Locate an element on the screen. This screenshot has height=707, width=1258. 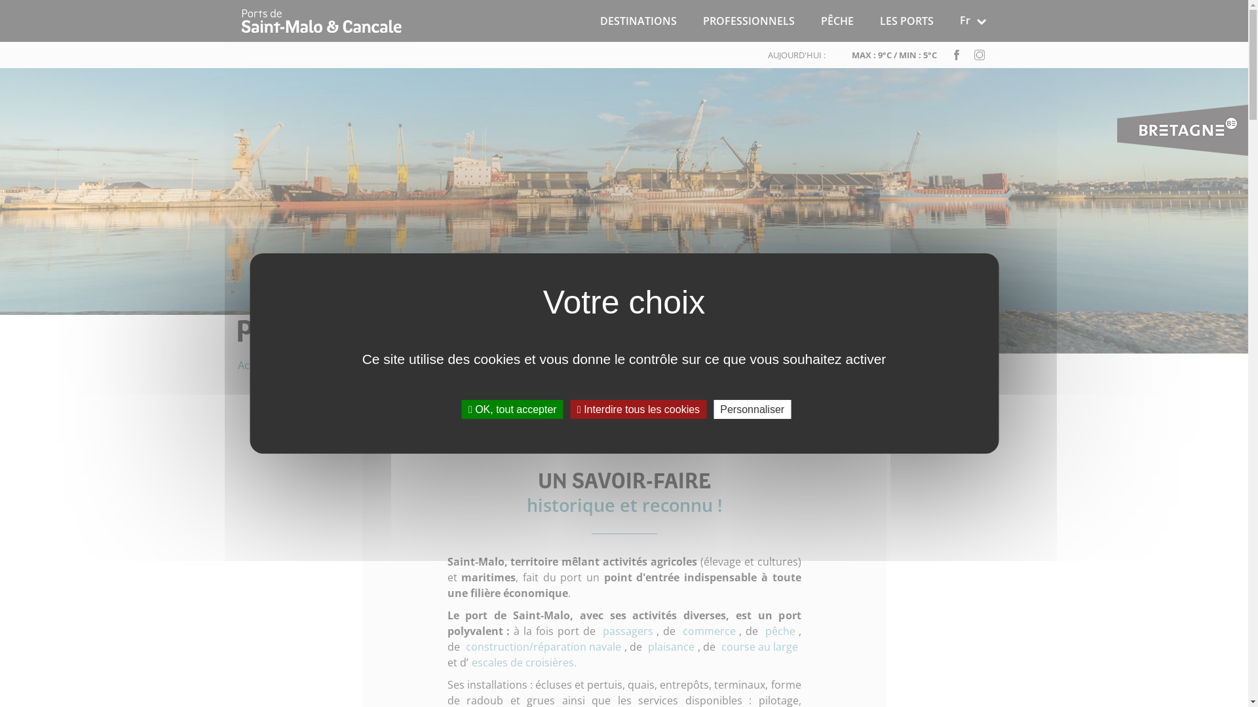
'passagers' is located at coordinates (627, 630).